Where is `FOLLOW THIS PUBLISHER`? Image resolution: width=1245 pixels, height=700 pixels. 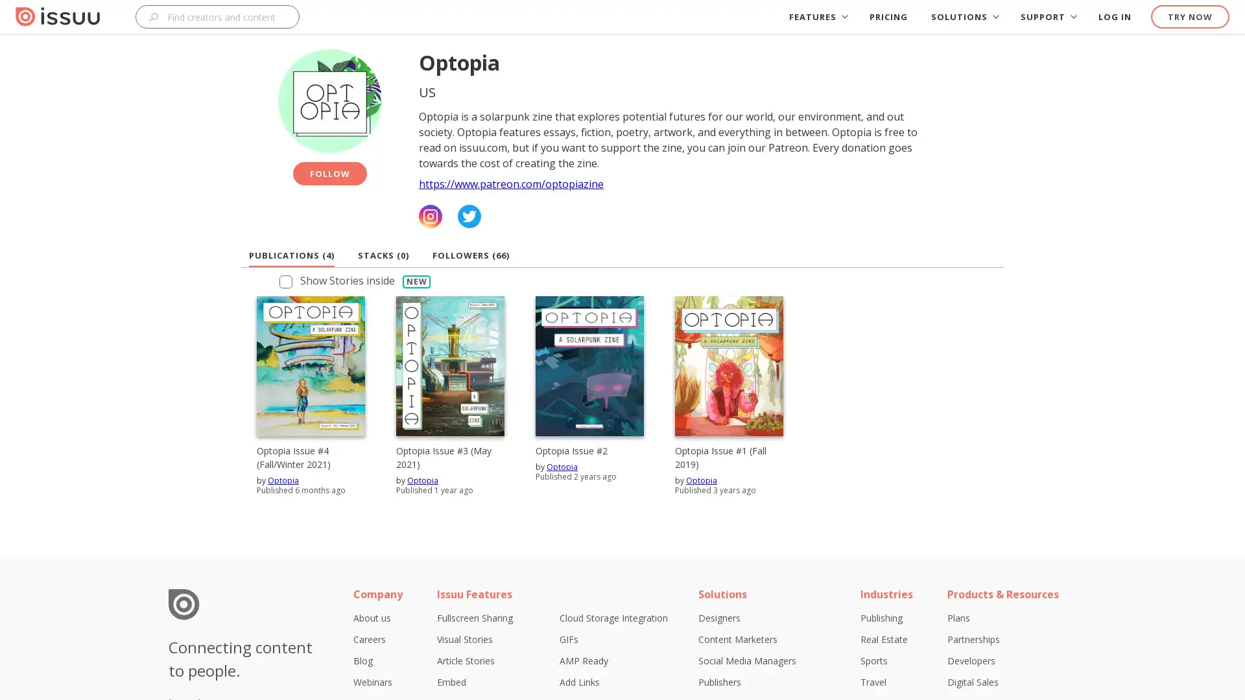 FOLLOW THIS PUBLISHER is located at coordinates (329, 172).